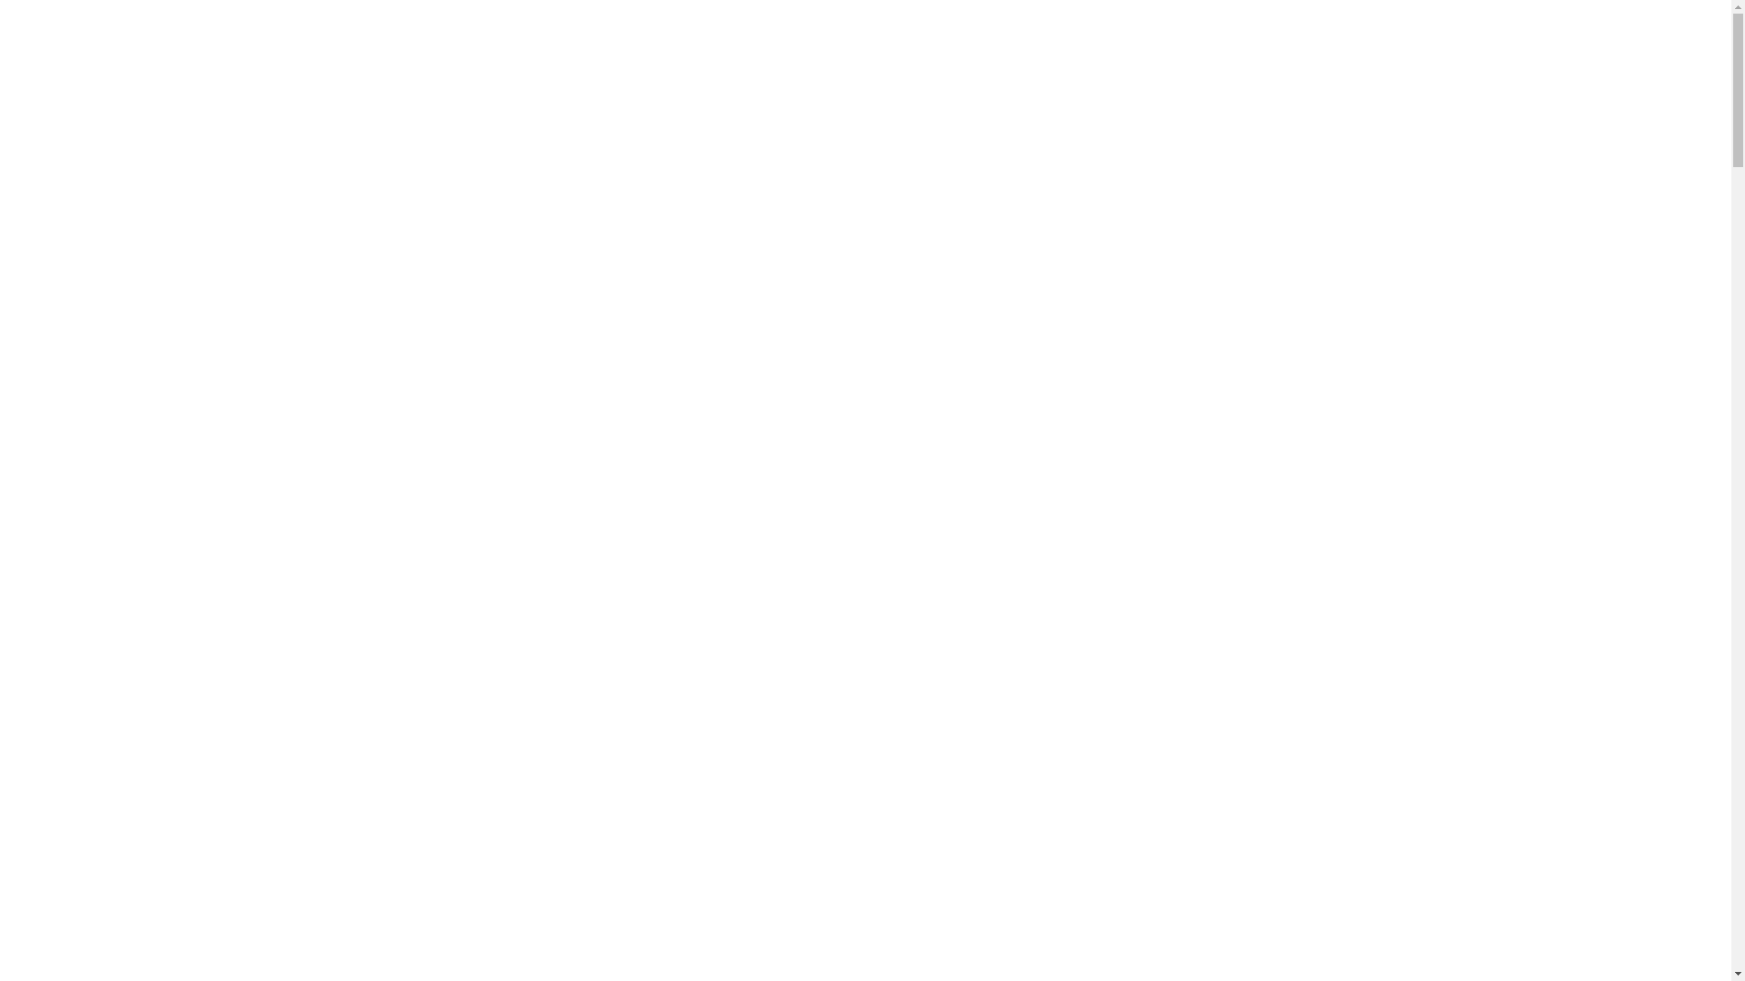  I want to click on 'Location', so click(94, 31).